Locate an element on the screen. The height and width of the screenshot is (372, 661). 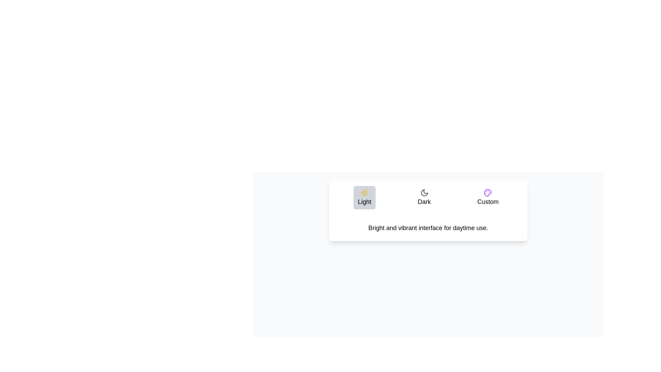
the Dark tab to observe its hover effect is located at coordinates (424, 198).